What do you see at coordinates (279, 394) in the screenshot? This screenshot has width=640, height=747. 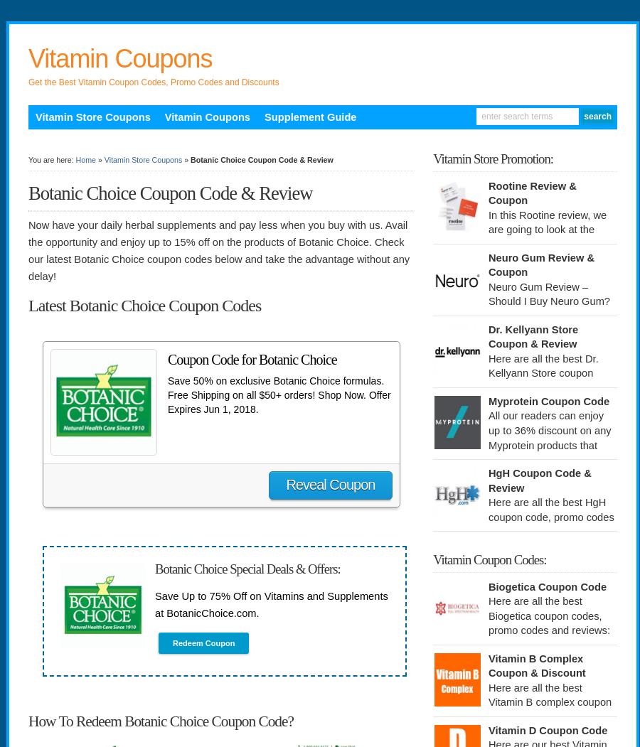 I see `'Save 50% on exclusive Botanic Choice formulas. Free Shipping on all $50+ orders! Shop Now. Offer Expires Jun 1, 2018.'` at bounding box center [279, 394].